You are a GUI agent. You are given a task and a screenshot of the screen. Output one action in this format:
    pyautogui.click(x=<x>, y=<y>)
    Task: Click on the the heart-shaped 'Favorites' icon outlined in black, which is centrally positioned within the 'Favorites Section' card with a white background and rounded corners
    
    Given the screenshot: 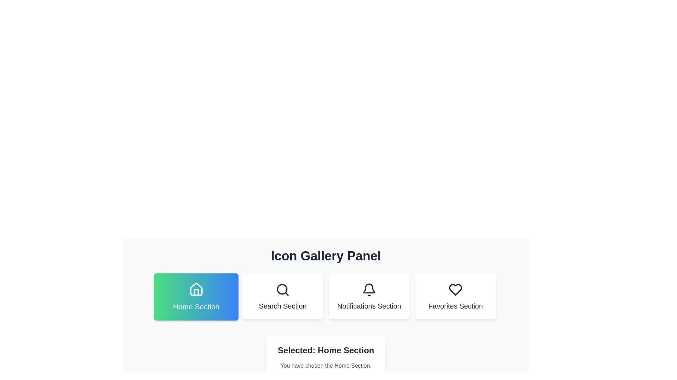 What is the action you would take?
    pyautogui.click(x=456, y=290)
    